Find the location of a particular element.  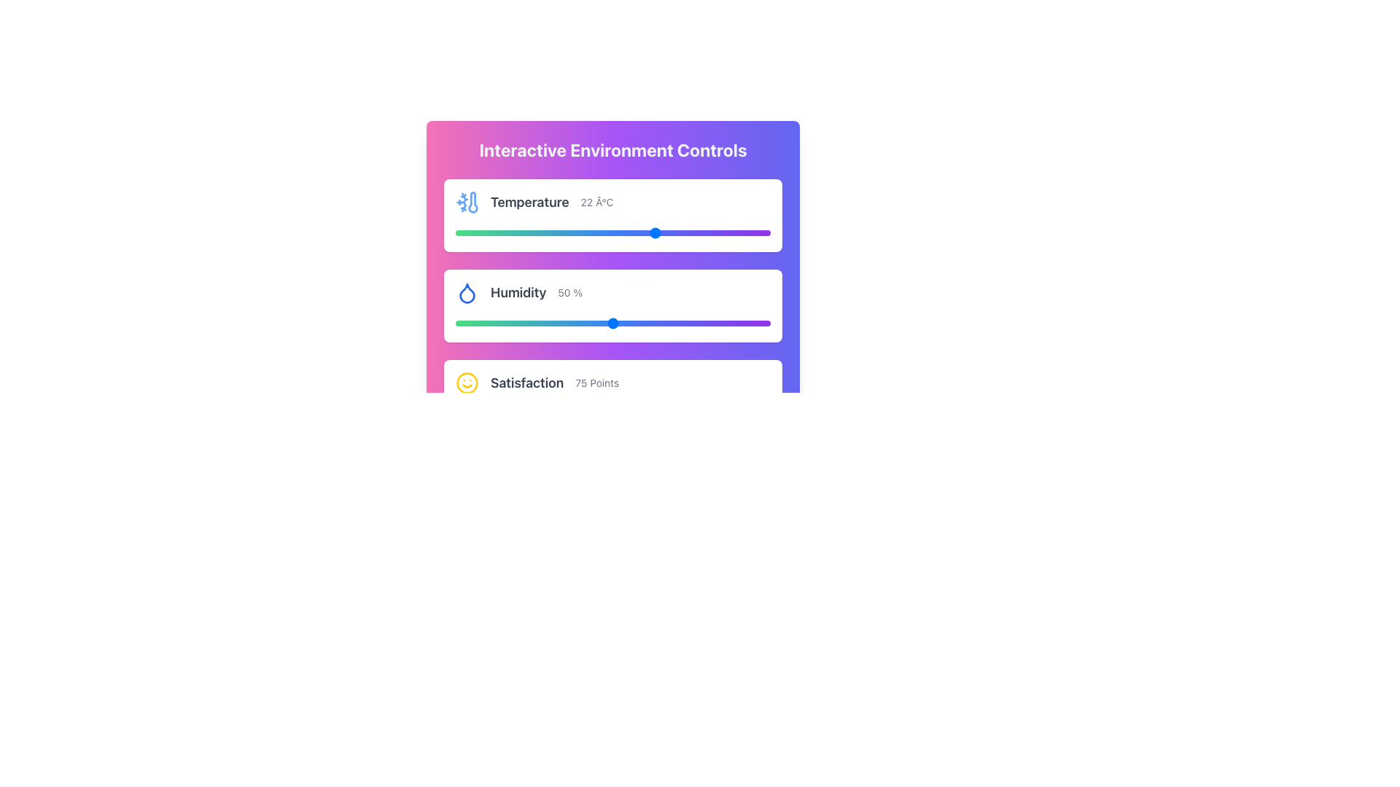

the slider is located at coordinates (607, 232).